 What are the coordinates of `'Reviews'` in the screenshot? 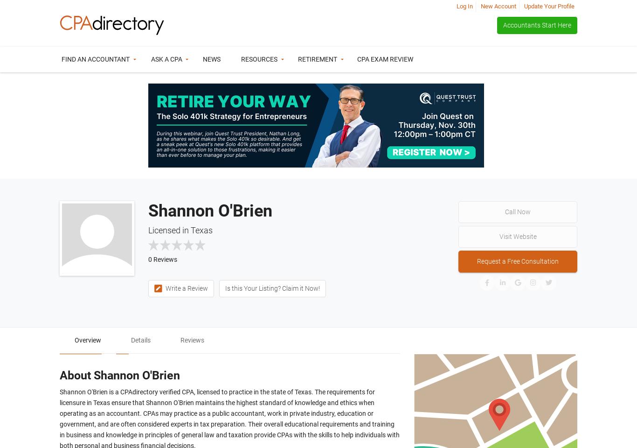 It's located at (192, 340).